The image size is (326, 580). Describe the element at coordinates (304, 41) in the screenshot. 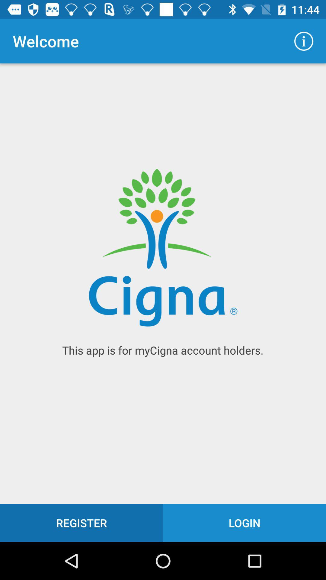

I see `the icon above the login item` at that location.